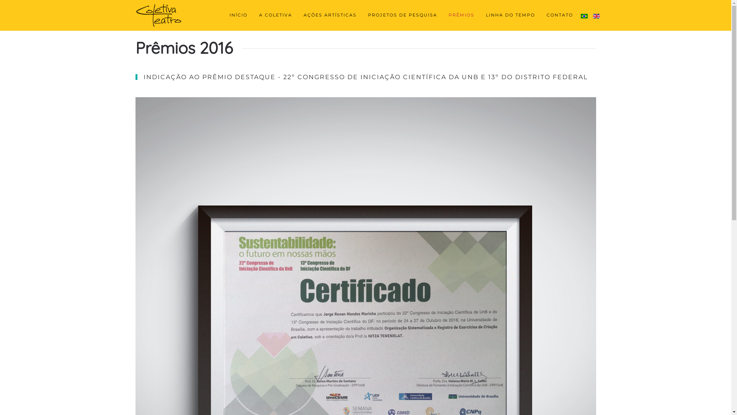  I want to click on 'A COLETIVA', so click(253, 15).